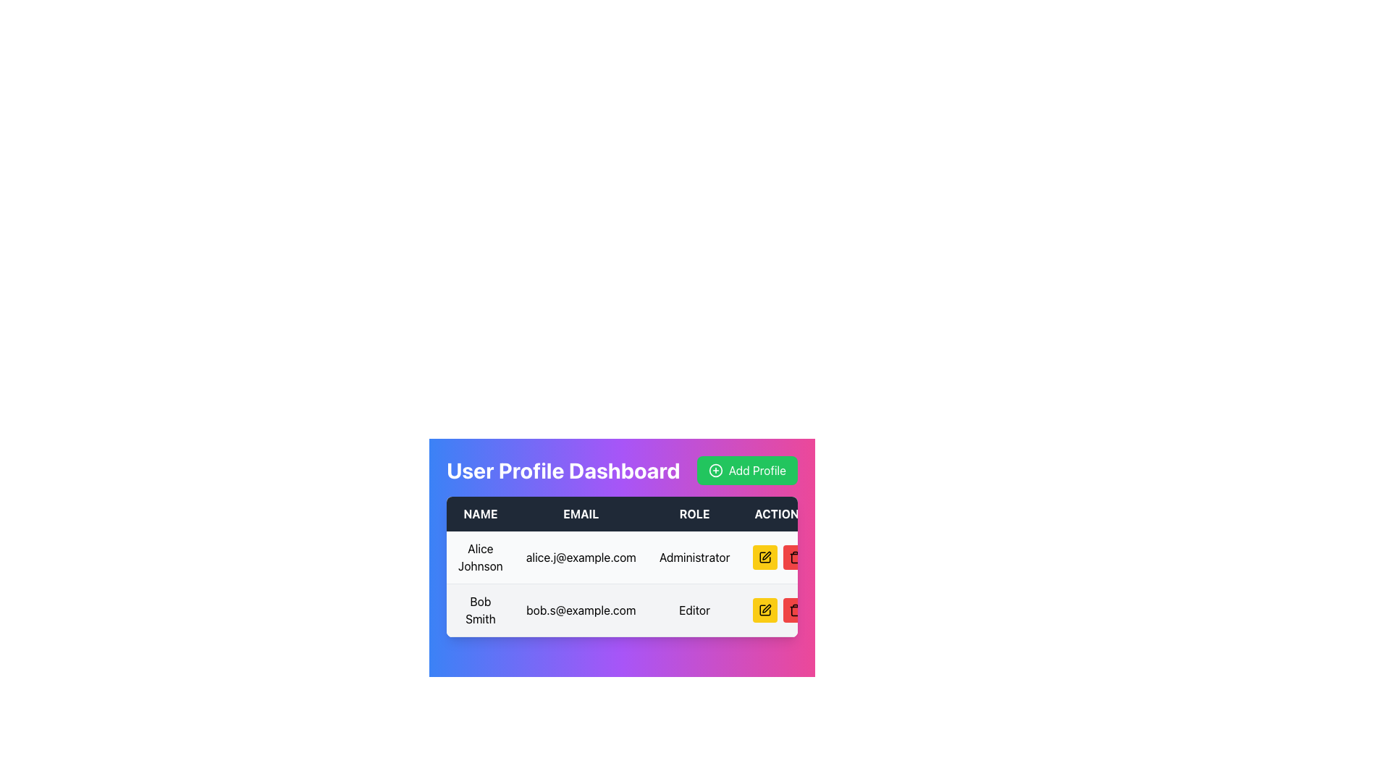 Image resolution: width=1390 pixels, height=782 pixels. I want to click on the text display containing 'Bob Smith', which is located in the second row under the 'NAME' column in a tabular layout, so click(480, 610).